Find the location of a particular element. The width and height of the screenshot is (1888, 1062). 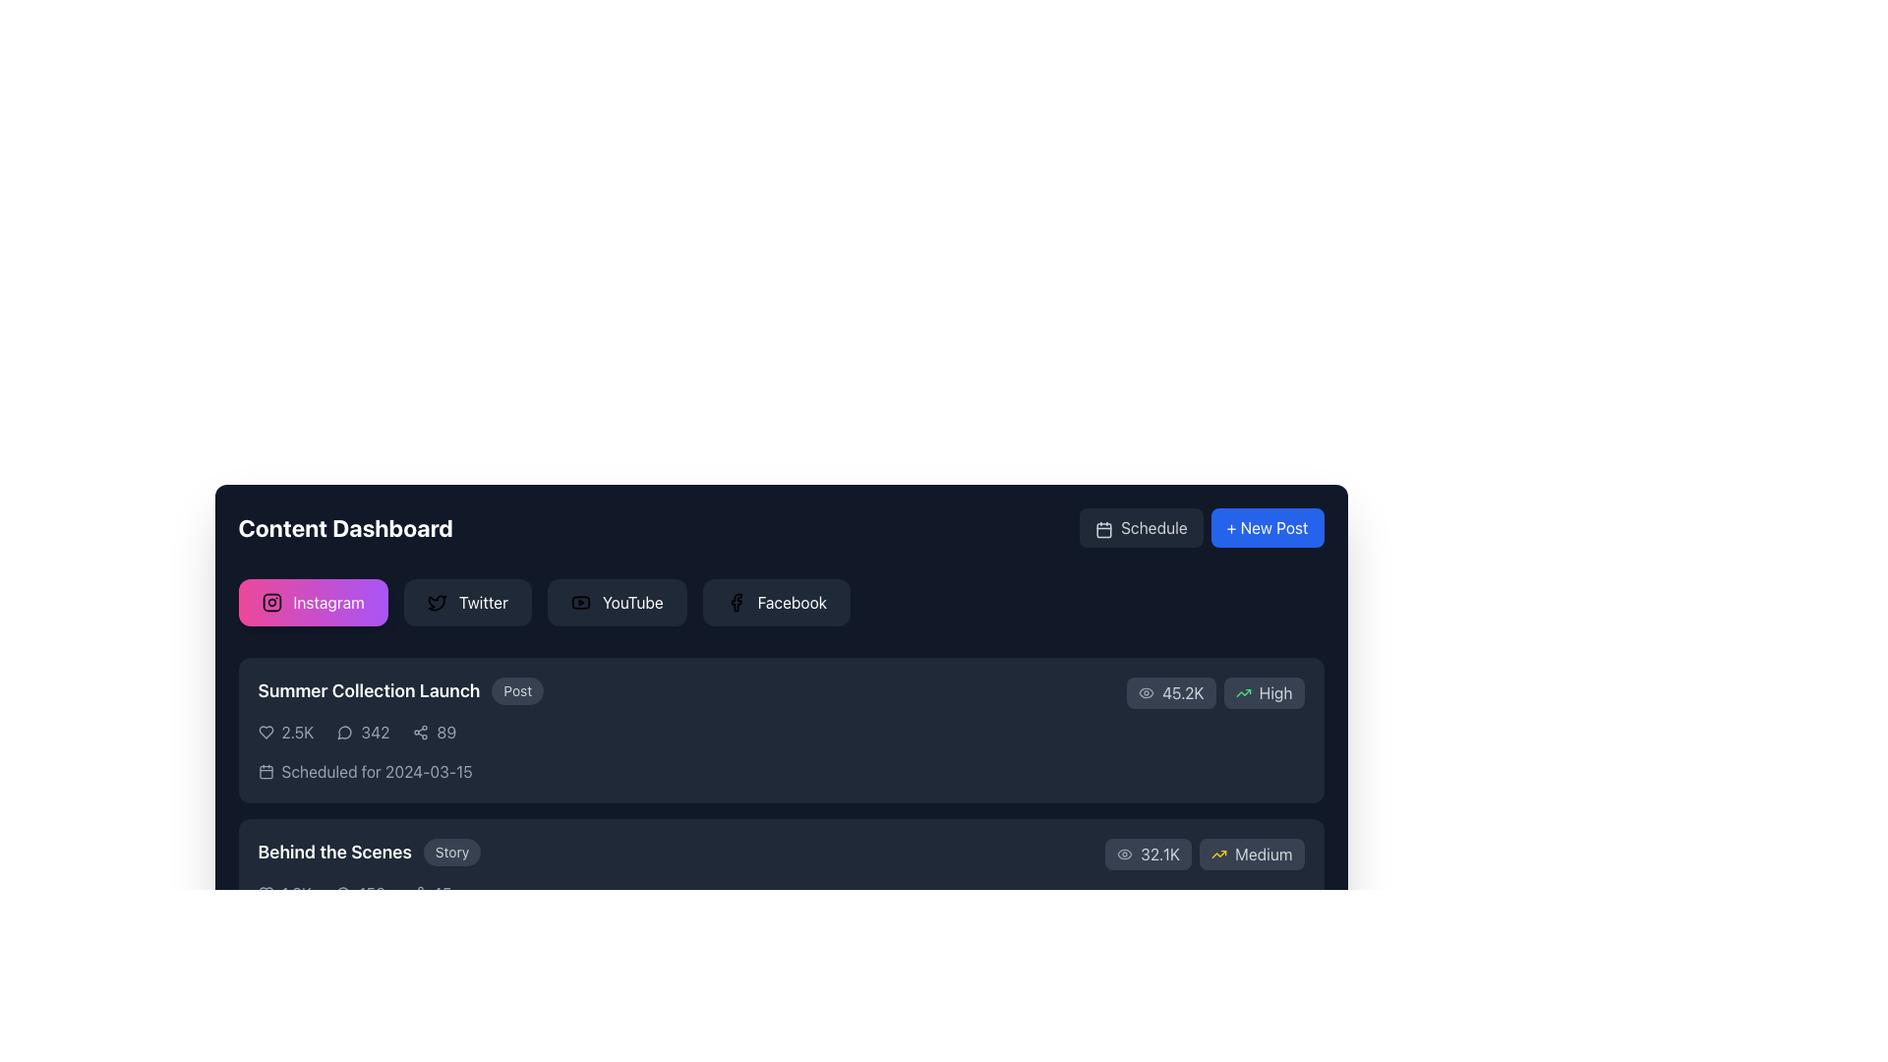

the icon that visually indicates the number of comments (342) associated with the post in the 'Summer Collection Launch' section is located at coordinates (345, 732).